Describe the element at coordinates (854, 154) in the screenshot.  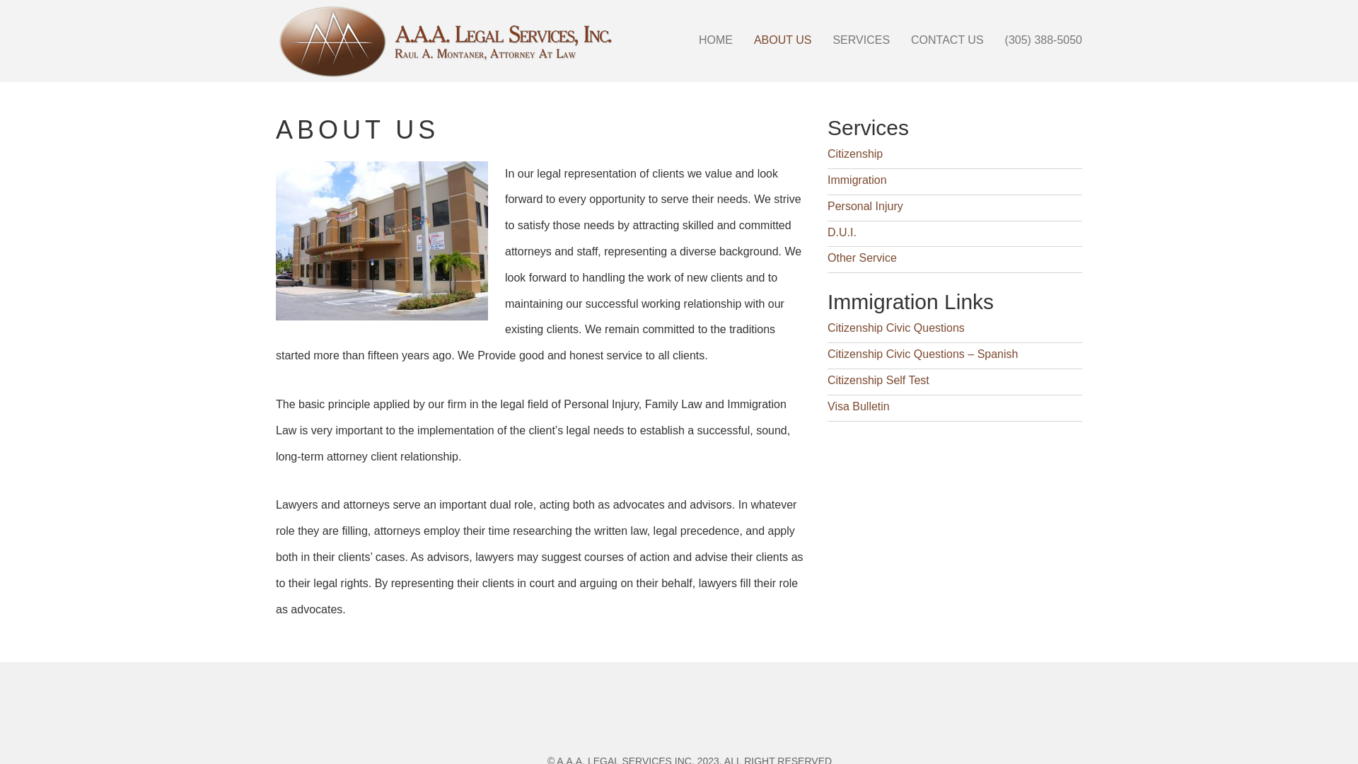
I see `'Citizenship'` at that location.